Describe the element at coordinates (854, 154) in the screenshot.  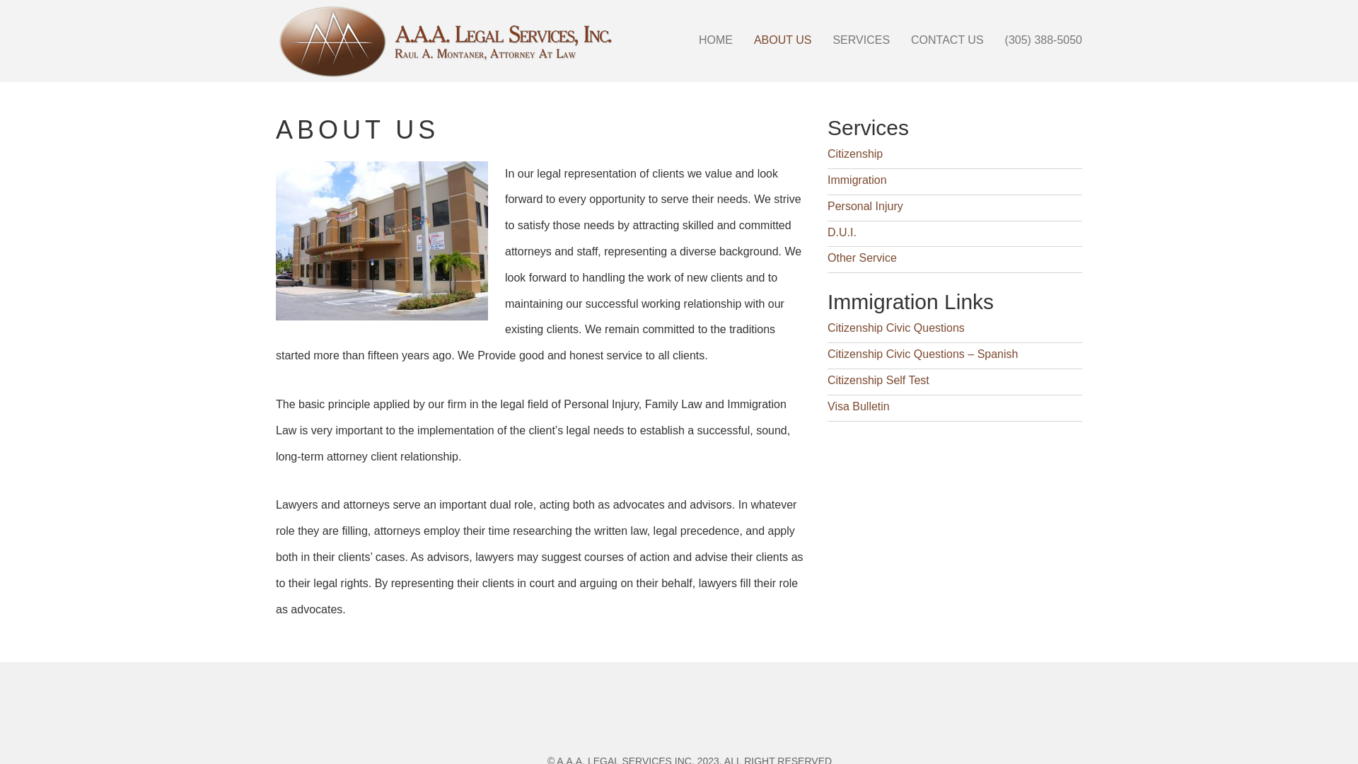
I see `'Citizenship'` at that location.